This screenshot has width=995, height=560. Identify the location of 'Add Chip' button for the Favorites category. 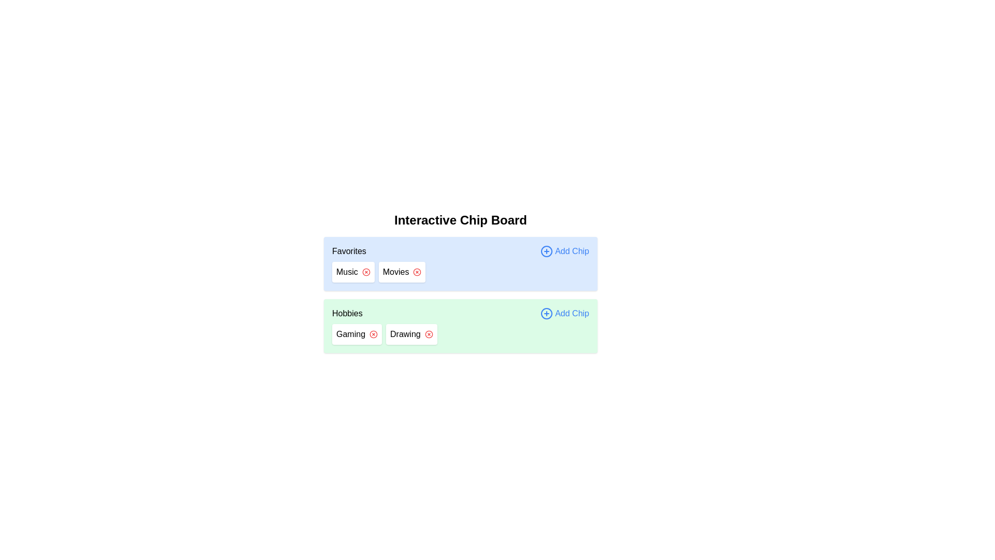
(564, 251).